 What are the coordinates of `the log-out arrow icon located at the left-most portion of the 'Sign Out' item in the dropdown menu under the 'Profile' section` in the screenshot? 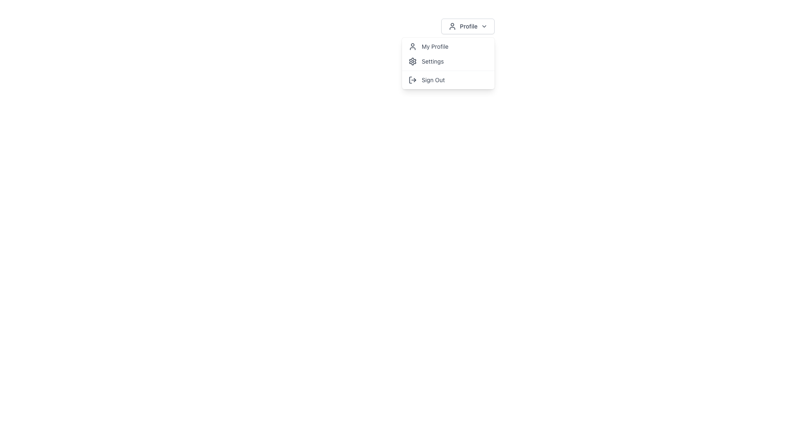 It's located at (412, 80).